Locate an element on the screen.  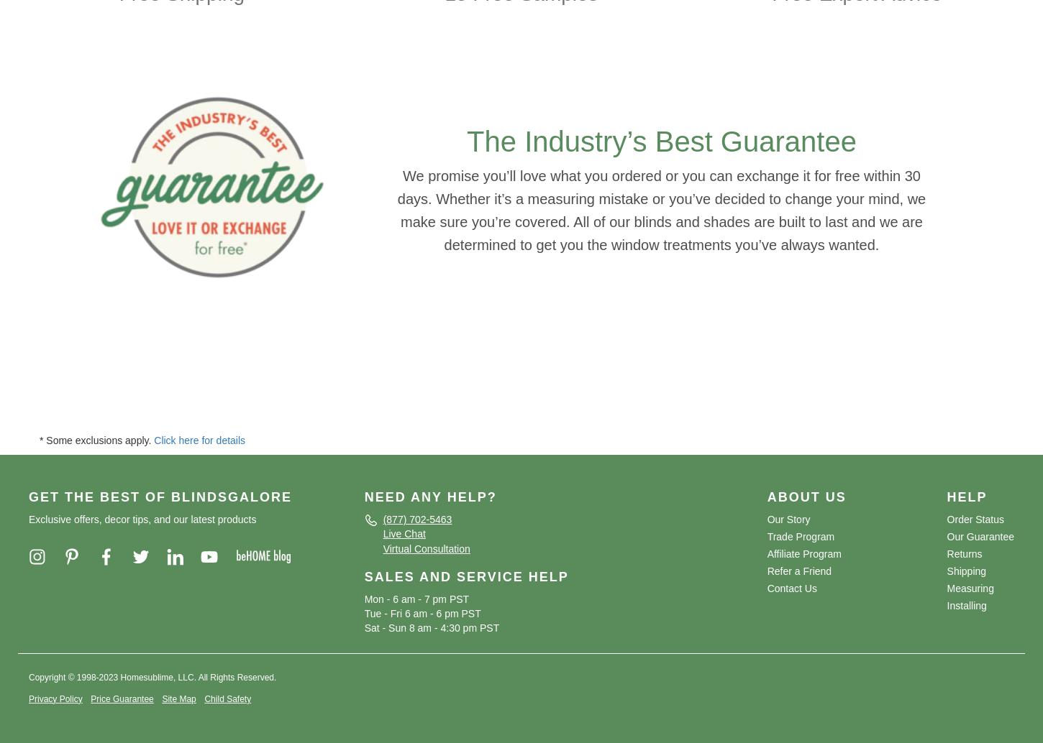
'Our Story' is located at coordinates (767, 519).